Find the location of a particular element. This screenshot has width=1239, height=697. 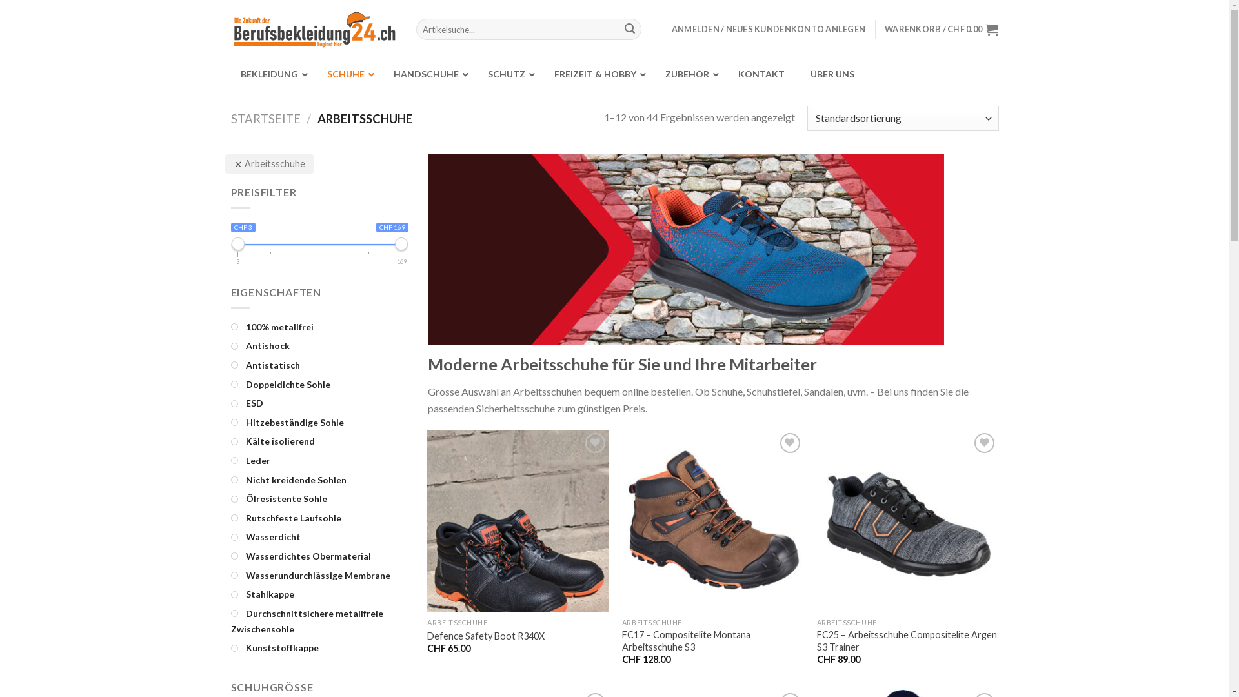

'STARTSEITE' is located at coordinates (265, 119).